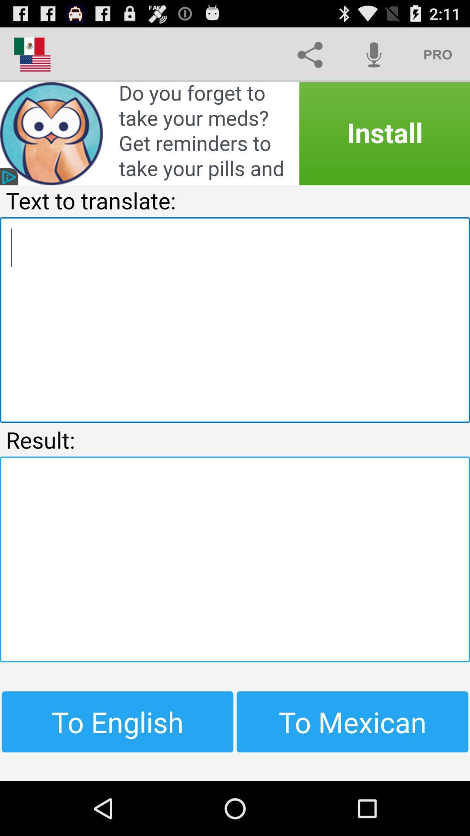 The height and width of the screenshot is (836, 470). Describe the element at coordinates (235, 559) in the screenshot. I see `the item below result: icon` at that location.